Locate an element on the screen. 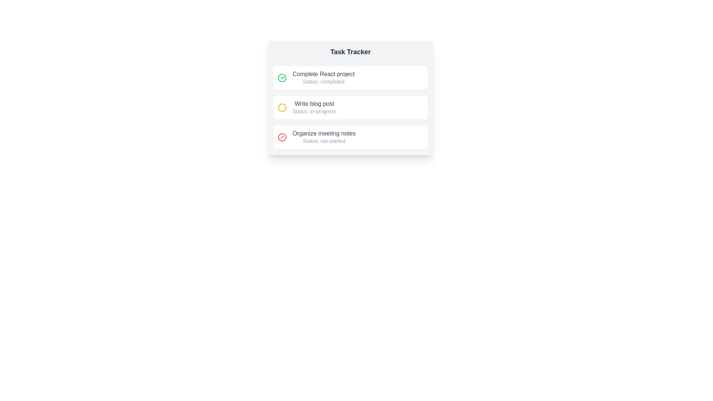  the second task entry is located at coordinates (350, 107).